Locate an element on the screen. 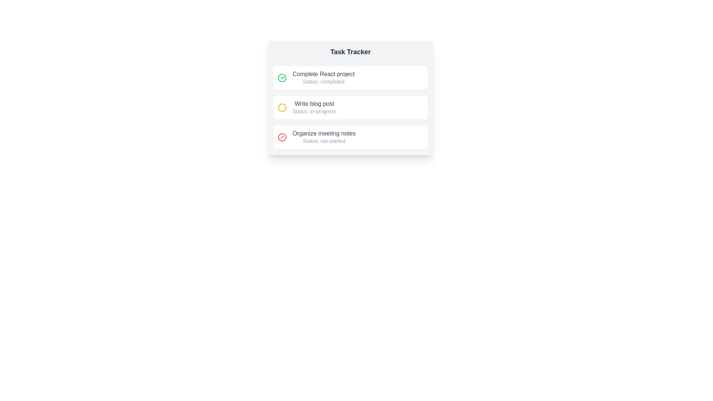  the second task entry is located at coordinates (350, 107).